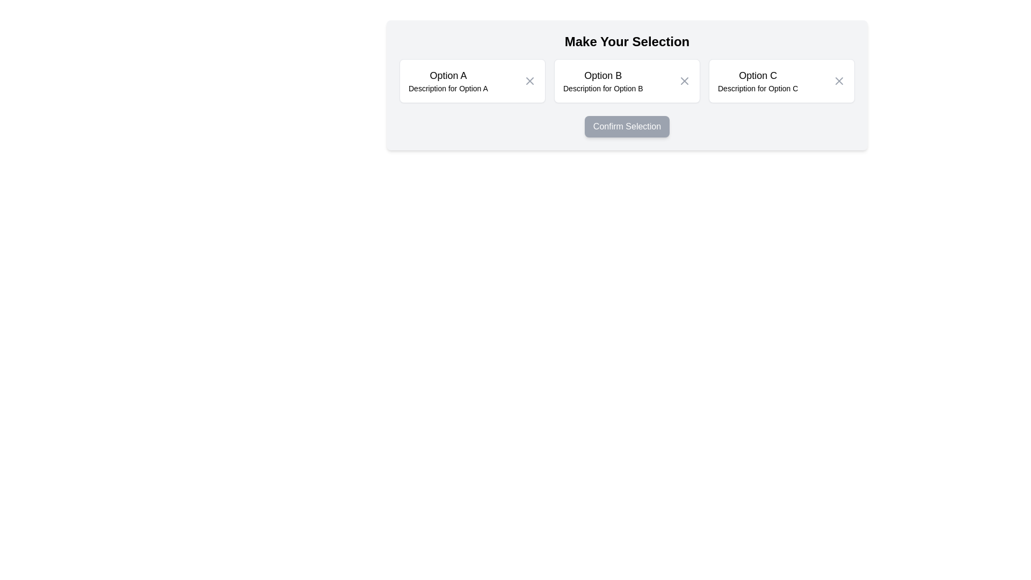  Describe the element at coordinates (684, 80) in the screenshot. I see `the Close button, represented by an 'X' shape, located in the top-right corner of 'Option B', to deselect or close the option` at that location.